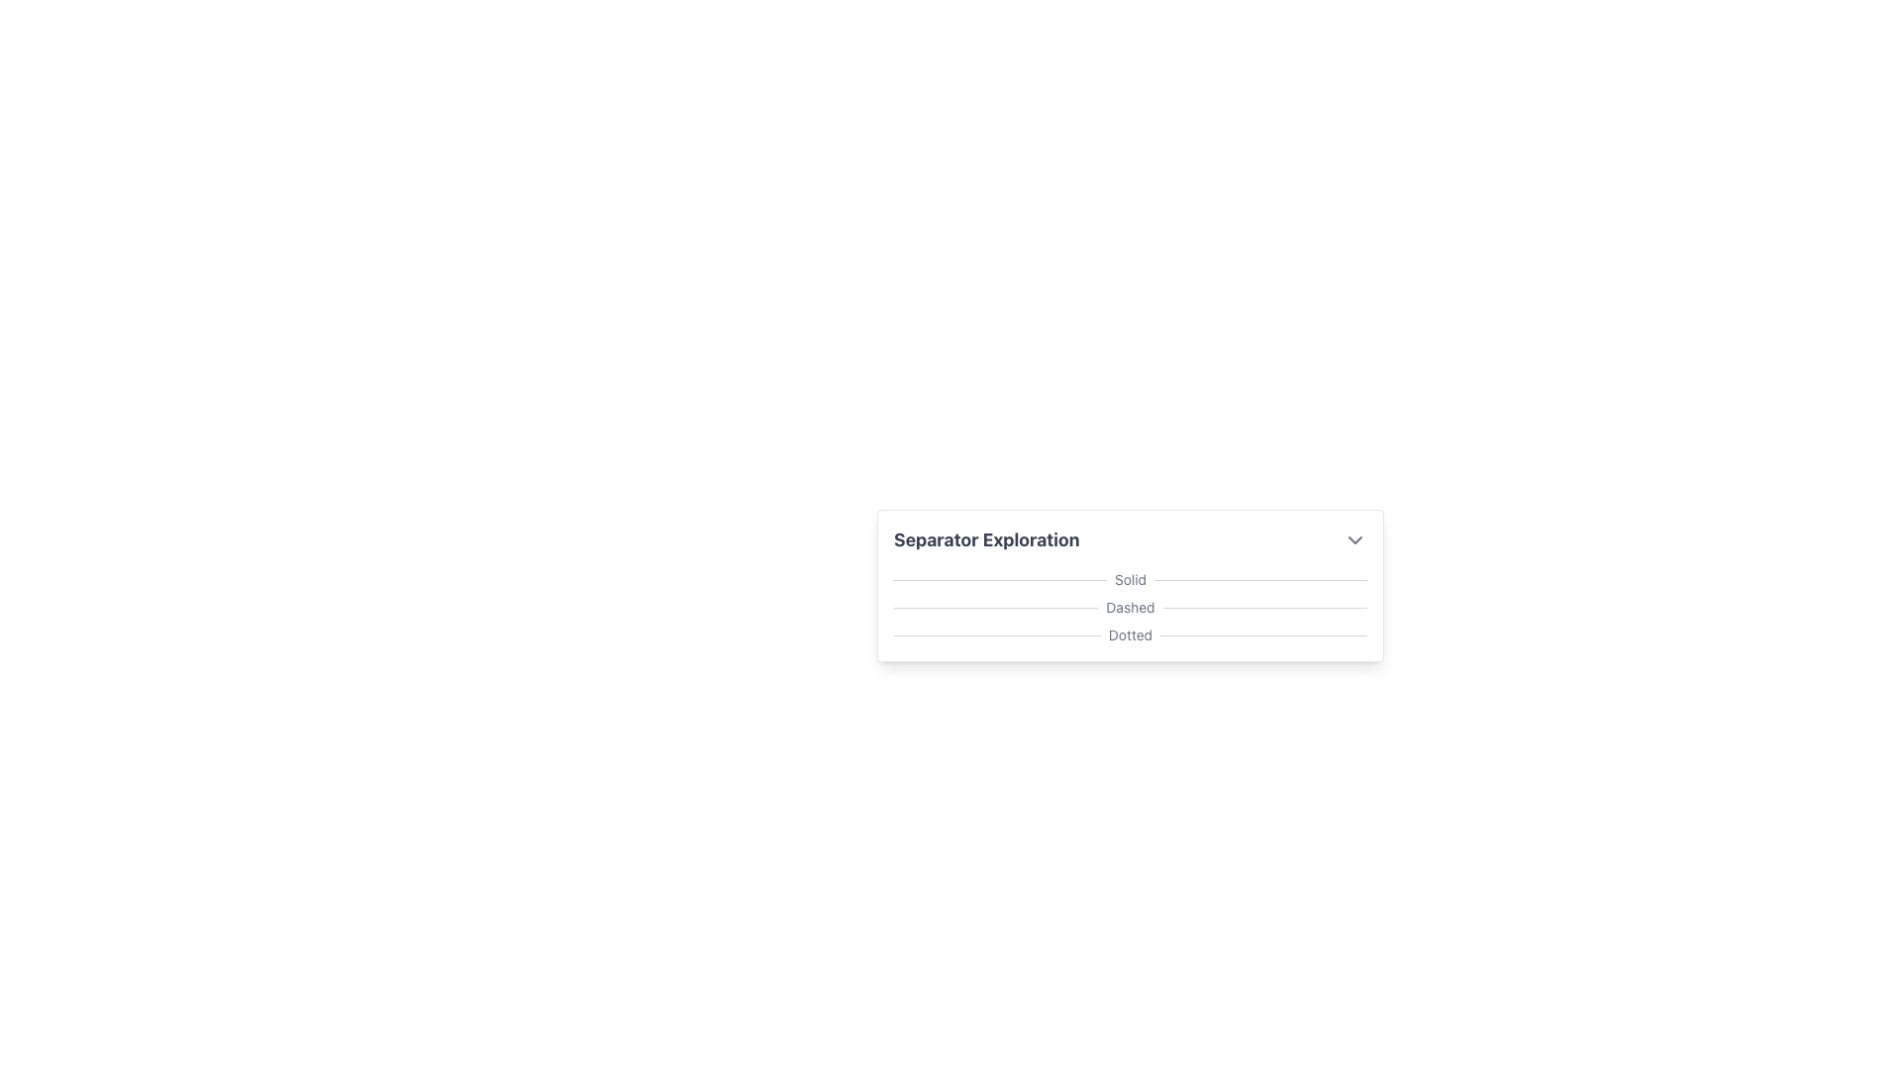 The image size is (1901, 1069). I want to click on the title or header text element located on the left side within a horizontally aligned row, which is adjacent to a chevron-down icon, so click(986, 540).